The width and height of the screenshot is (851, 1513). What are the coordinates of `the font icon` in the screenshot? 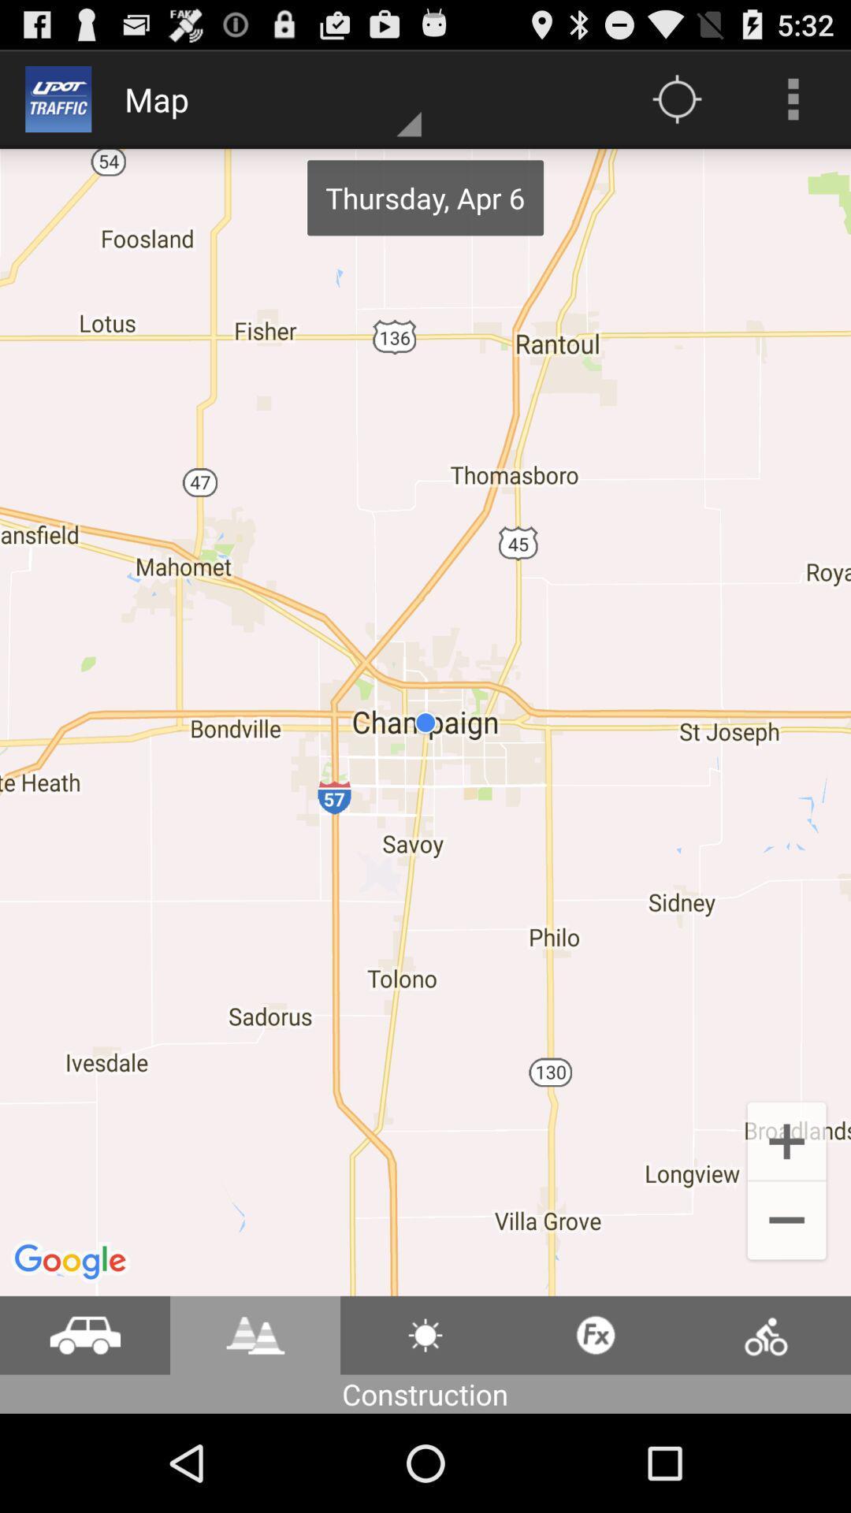 It's located at (255, 1429).